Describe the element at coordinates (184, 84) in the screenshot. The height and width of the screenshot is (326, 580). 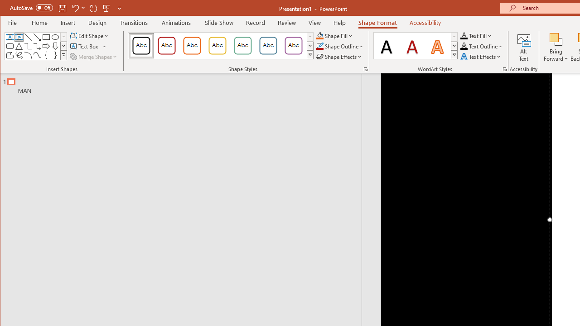
I see `'Outline'` at that location.